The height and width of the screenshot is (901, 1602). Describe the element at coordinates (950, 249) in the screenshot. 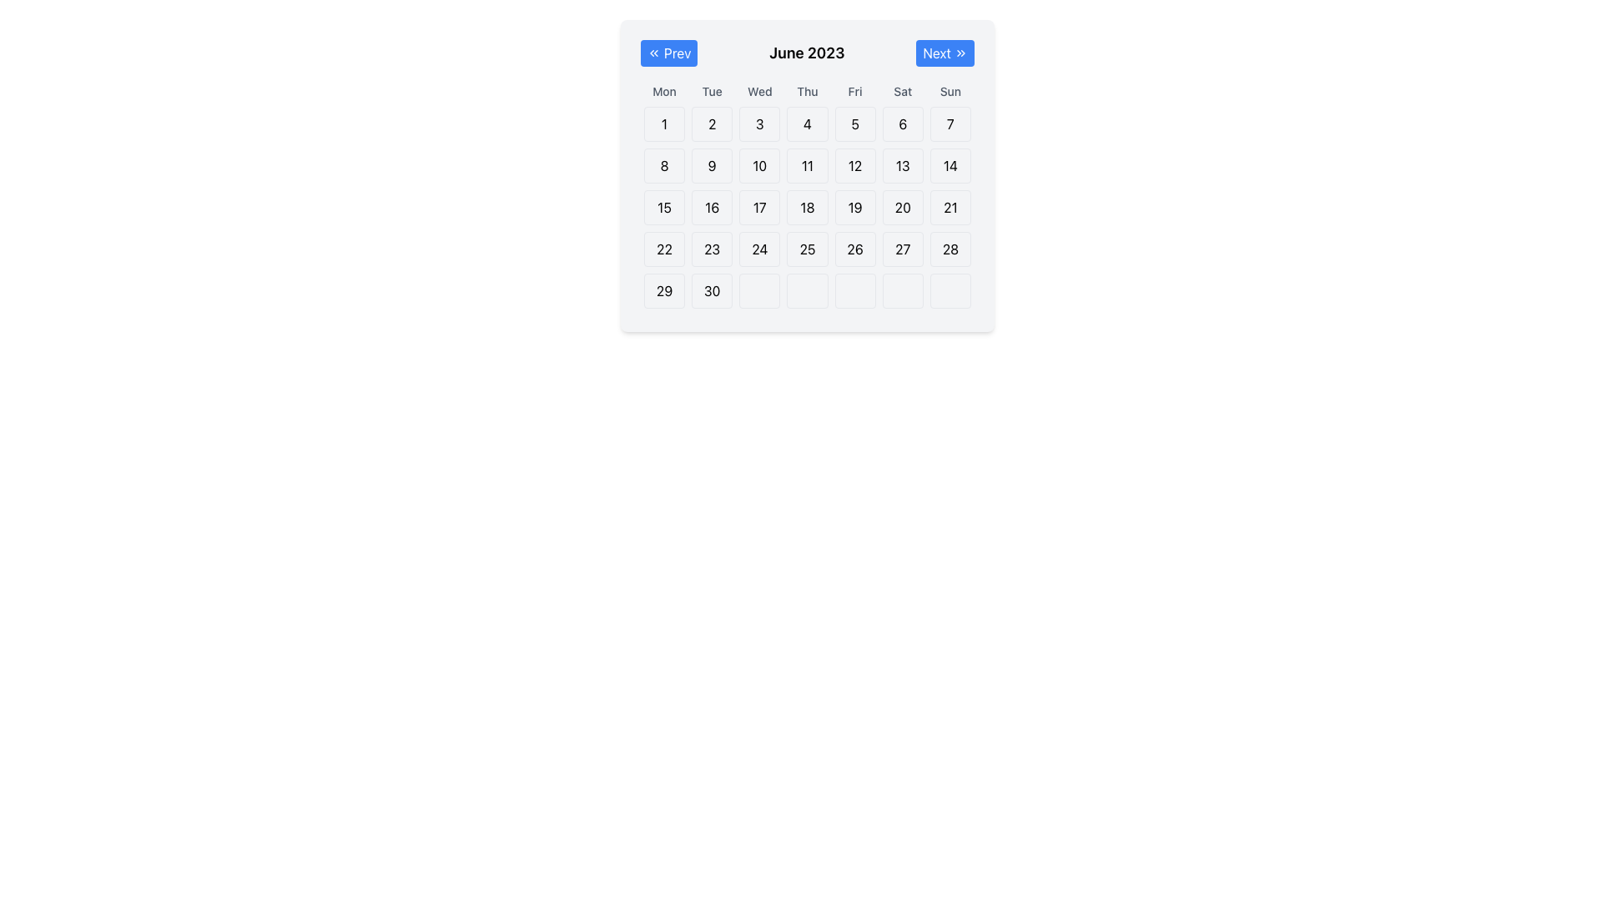

I see `the small rectangular button with rounded corners displaying the number '28'` at that location.